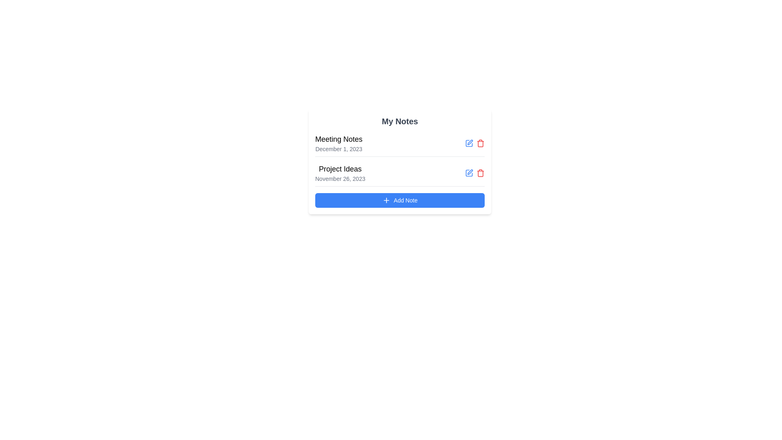  What do you see at coordinates (400, 200) in the screenshot?
I see `the 'Add Note' button located at the bottom of the 'My Notes' panel` at bounding box center [400, 200].